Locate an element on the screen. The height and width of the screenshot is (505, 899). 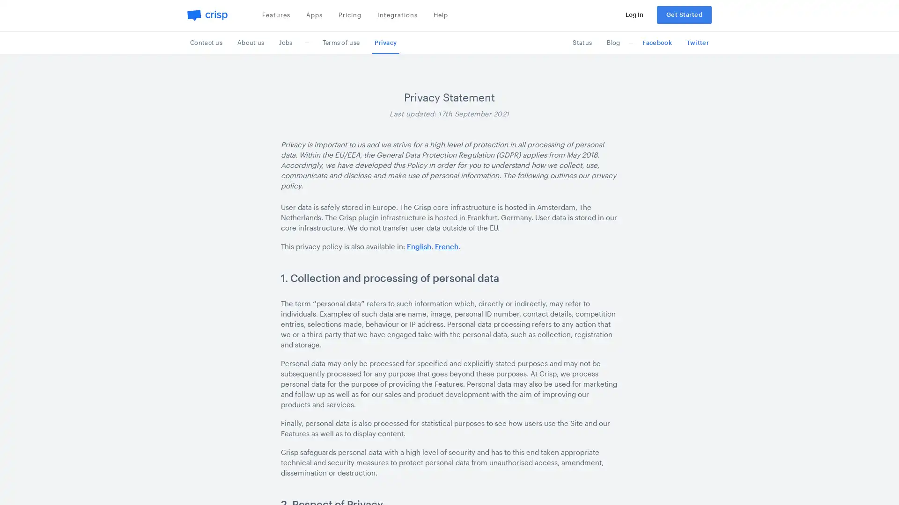
Questions? Chat with us! Support is away. Search help center Chat is located at coordinates (873, 481).